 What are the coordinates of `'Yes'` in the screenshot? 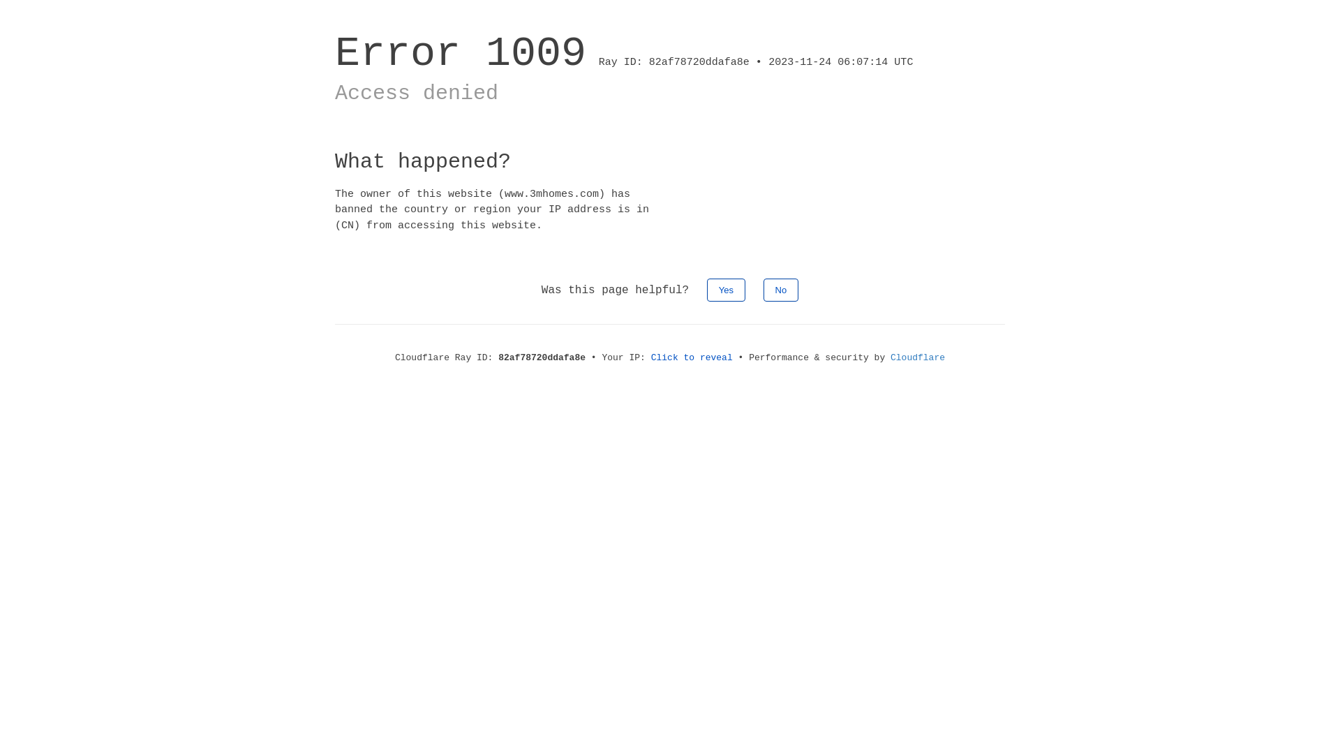 It's located at (726, 289).